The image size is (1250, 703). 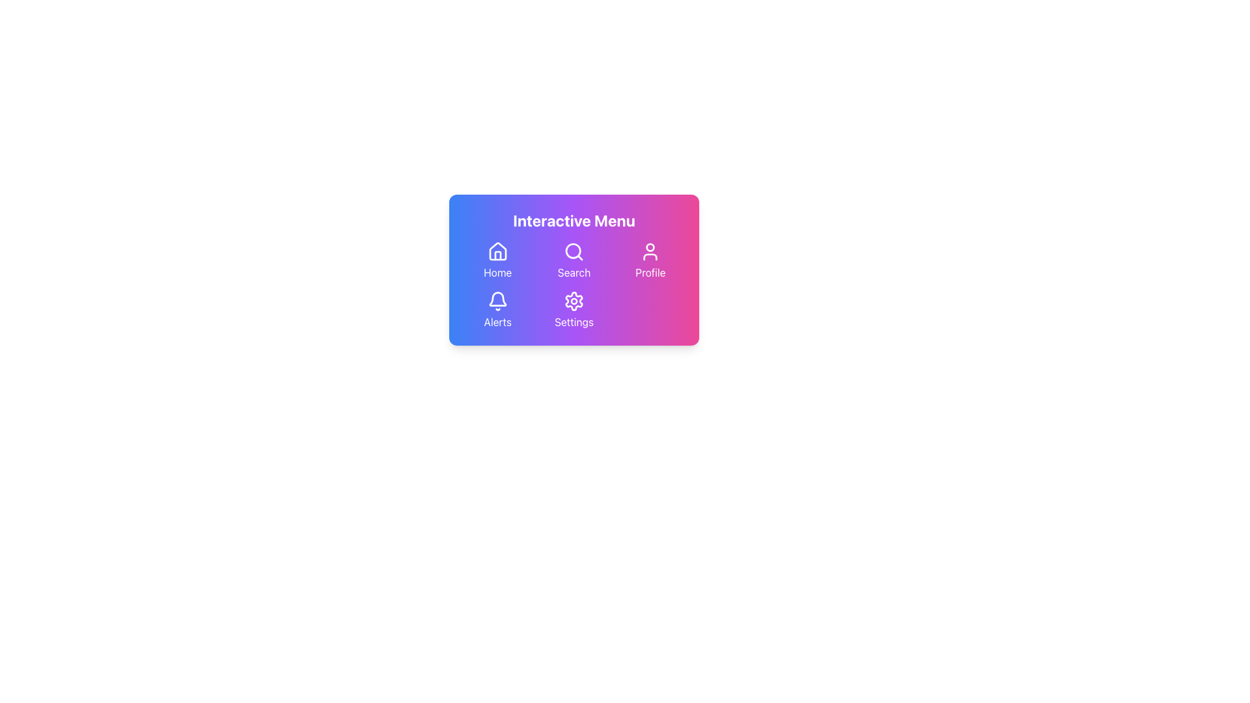 What do you see at coordinates (573, 251) in the screenshot?
I see `the decorative circle component of the 'Search' icon, which is part of the horizontally arranged interactive menu` at bounding box center [573, 251].